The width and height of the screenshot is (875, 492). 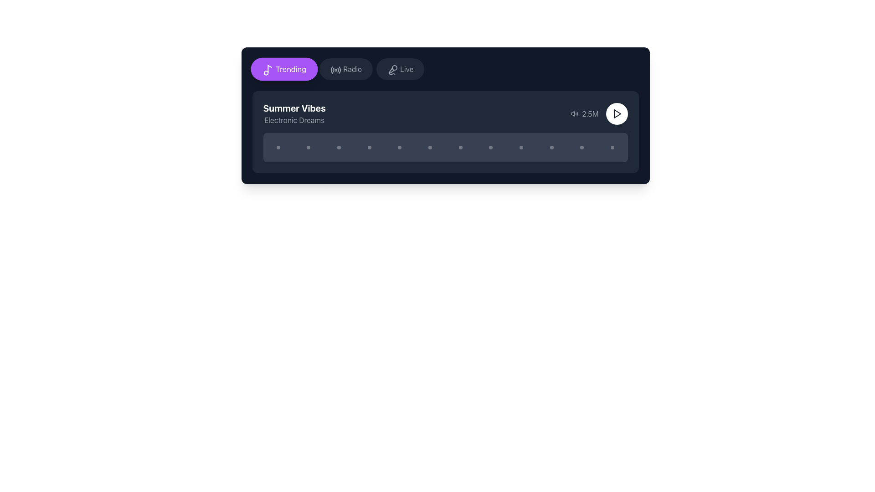 What do you see at coordinates (617, 113) in the screenshot?
I see `the play button located within a circular button at the far right edge of the rectangular component displaying song information` at bounding box center [617, 113].